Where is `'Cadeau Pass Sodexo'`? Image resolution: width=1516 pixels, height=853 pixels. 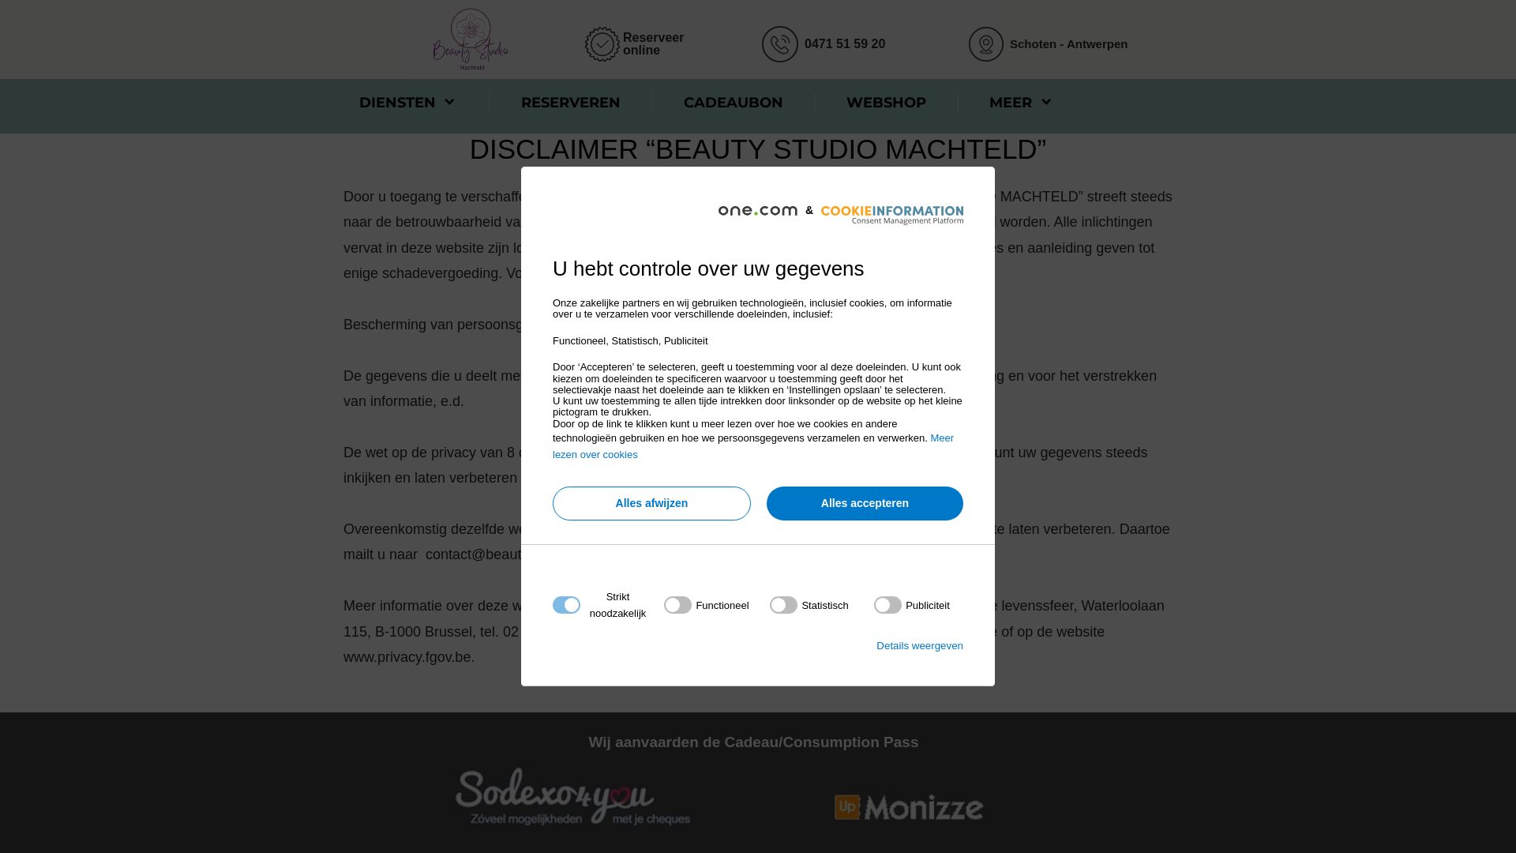
'Cadeau Pass Sodexo' is located at coordinates (572, 795).